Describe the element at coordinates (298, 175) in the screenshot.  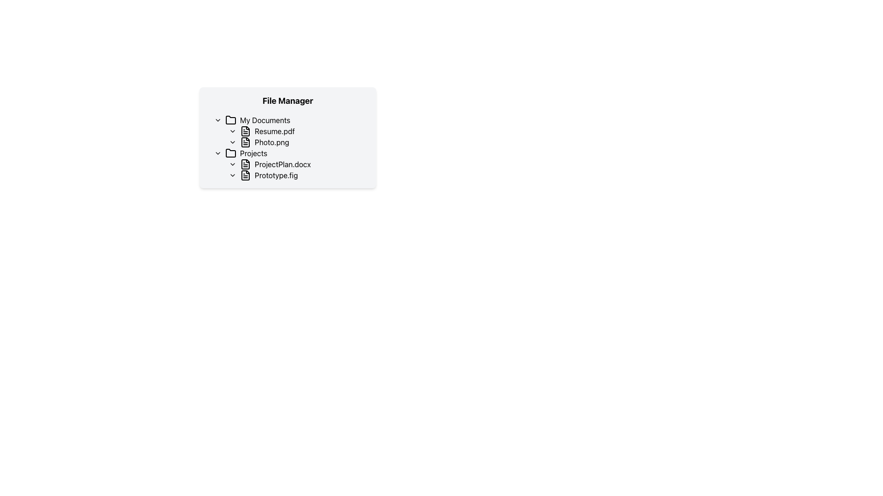
I see `the second entry` at that location.